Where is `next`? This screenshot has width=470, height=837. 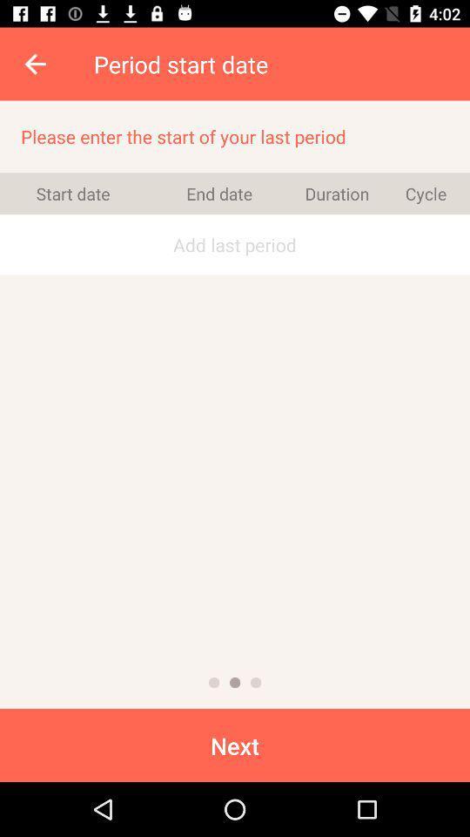
next is located at coordinates (235, 744).